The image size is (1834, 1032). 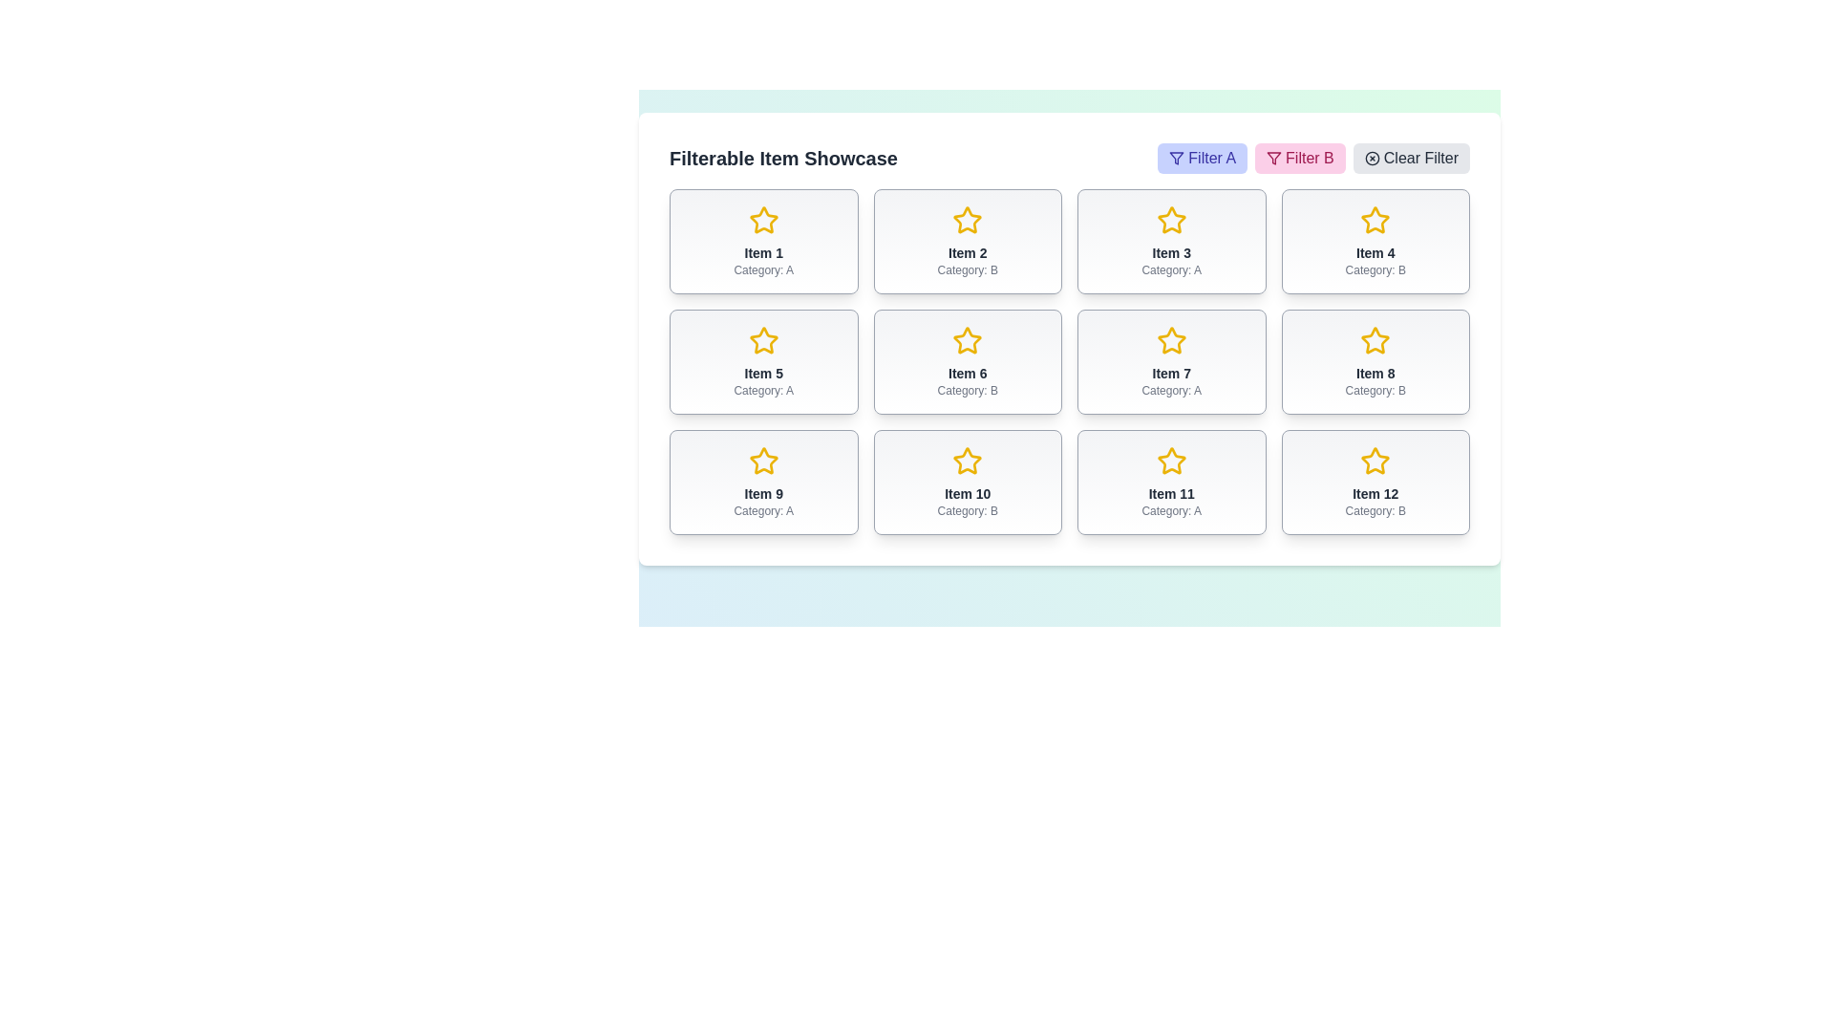 I want to click on the star-shaped SVG icon with a yellow outline located in the card labeled 'Item 8\nCategory: B' to rate it, so click(x=1375, y=340).